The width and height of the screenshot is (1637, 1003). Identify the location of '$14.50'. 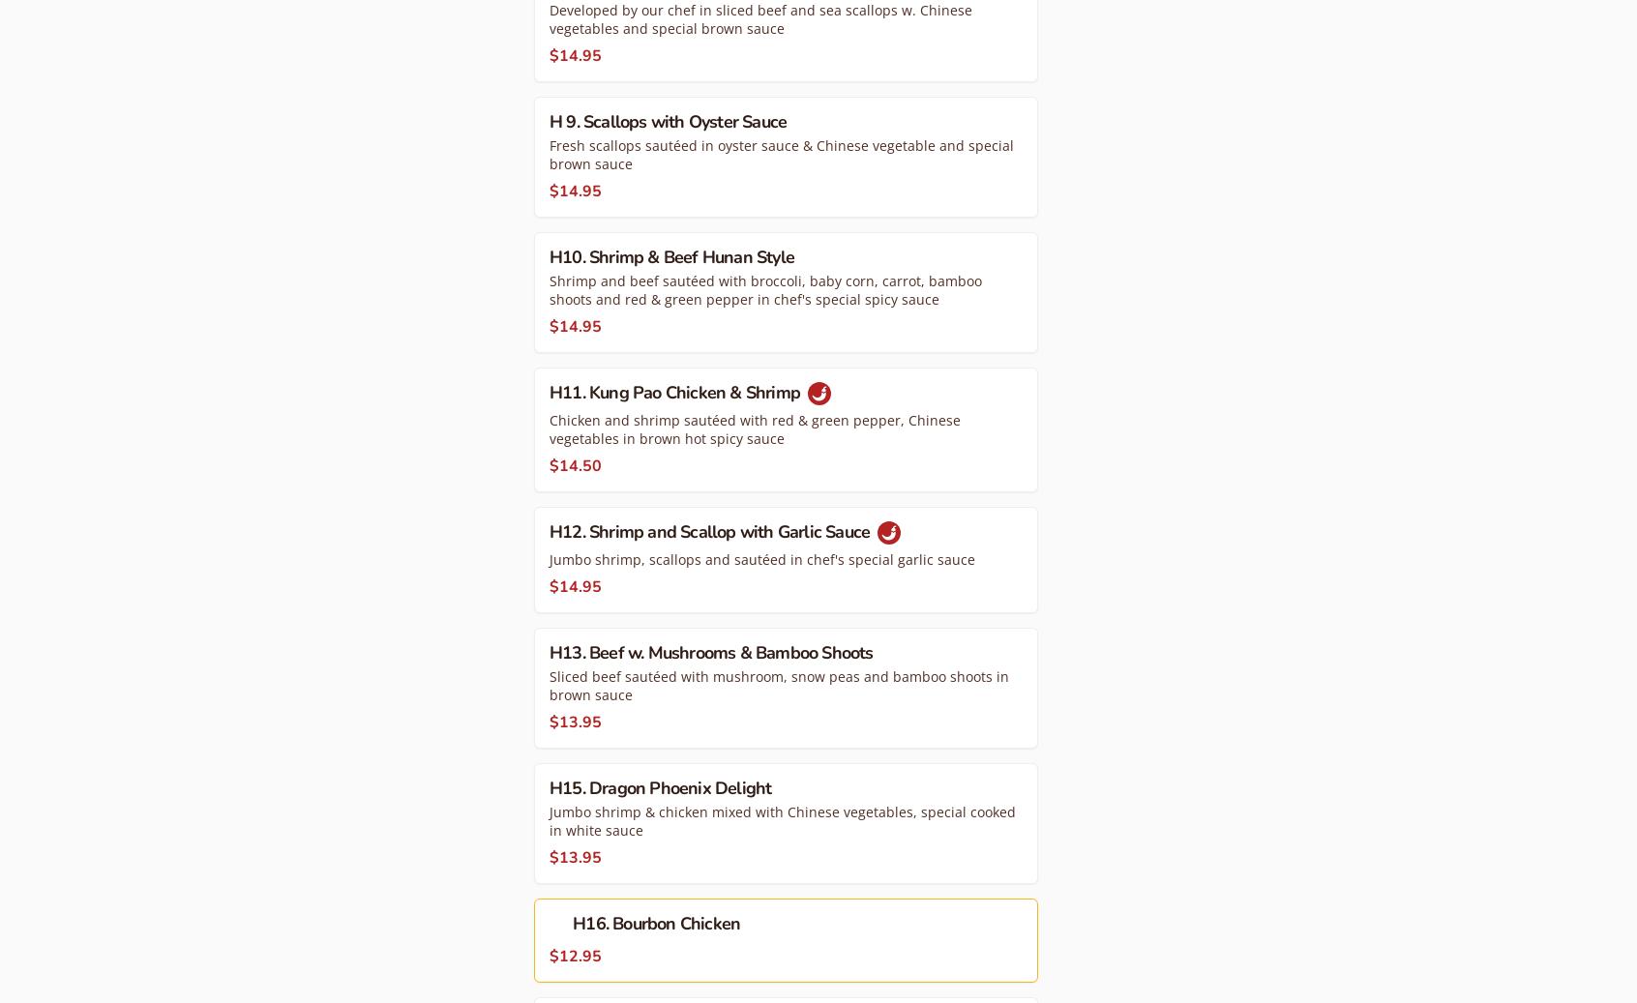
(575, 463).